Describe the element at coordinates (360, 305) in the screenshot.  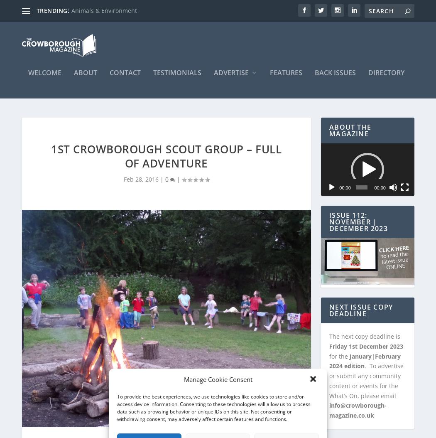
I see `'NEXT ISSUE COPY DEADLINE'` at that location.